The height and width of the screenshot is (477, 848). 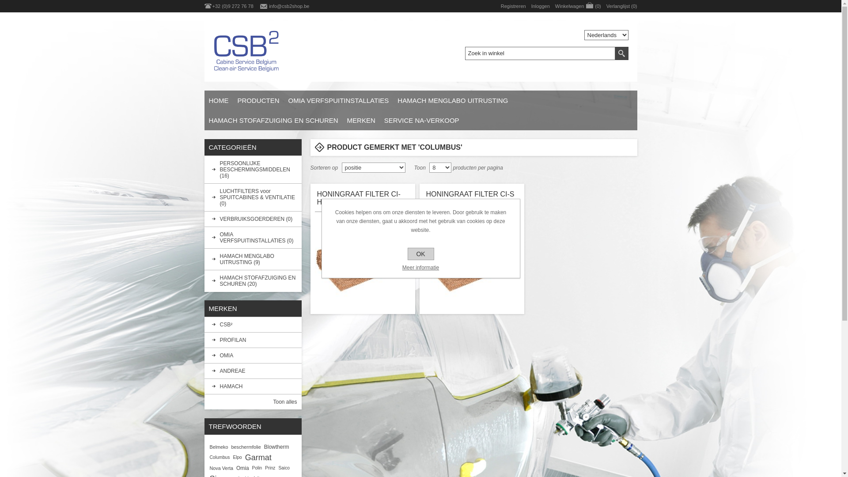 What do you see at coordinates (231, 447) in the screenshot?
I see `'beschermfolie'` at bounding box center [231, 447].